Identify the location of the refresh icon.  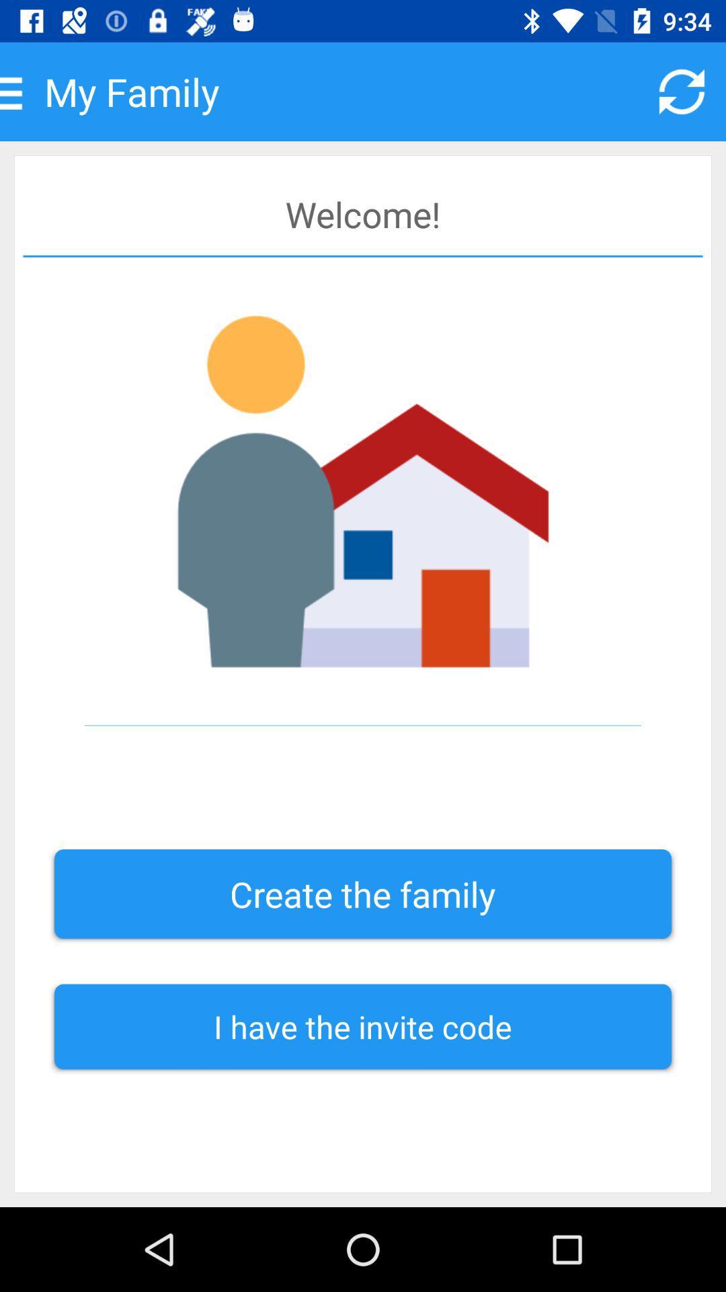
(682, 91).